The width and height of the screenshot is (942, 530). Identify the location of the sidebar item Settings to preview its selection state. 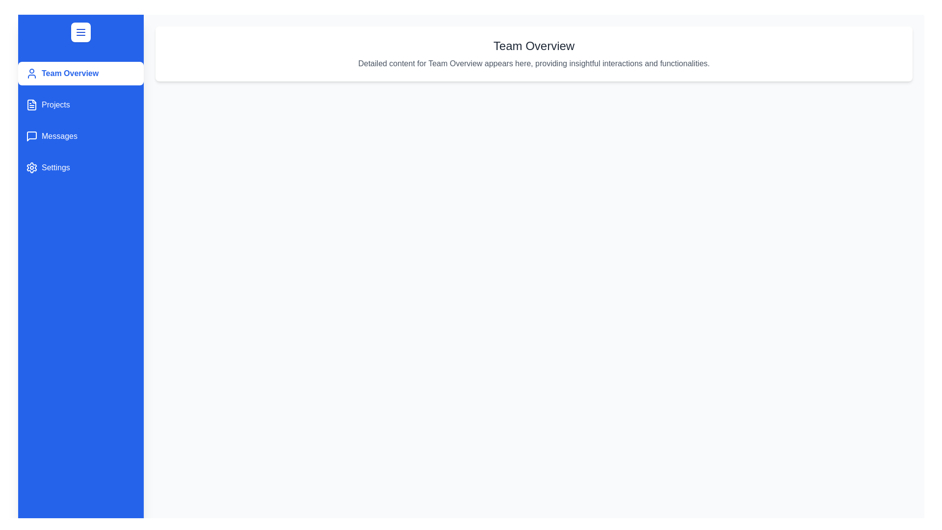
(80, 167).